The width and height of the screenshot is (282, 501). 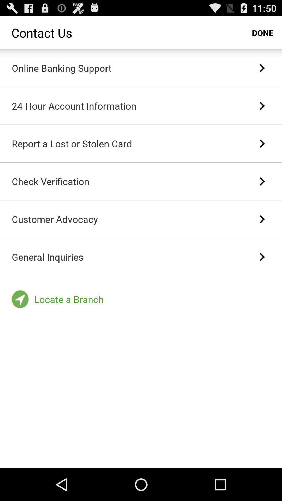 I want to click on the item next to 24 hour account icon, so click(x=262, y=105).